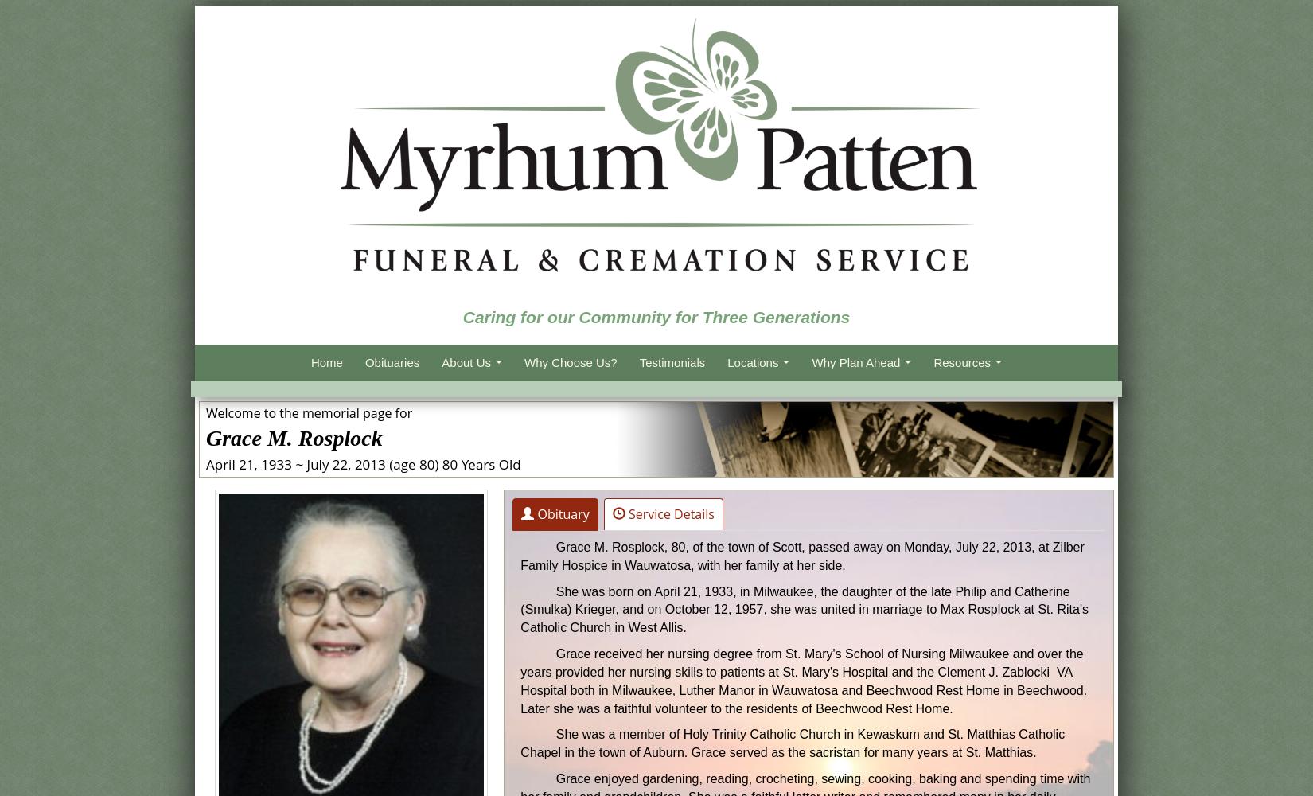  I want to click on 'Service Details', so click(669, 514).